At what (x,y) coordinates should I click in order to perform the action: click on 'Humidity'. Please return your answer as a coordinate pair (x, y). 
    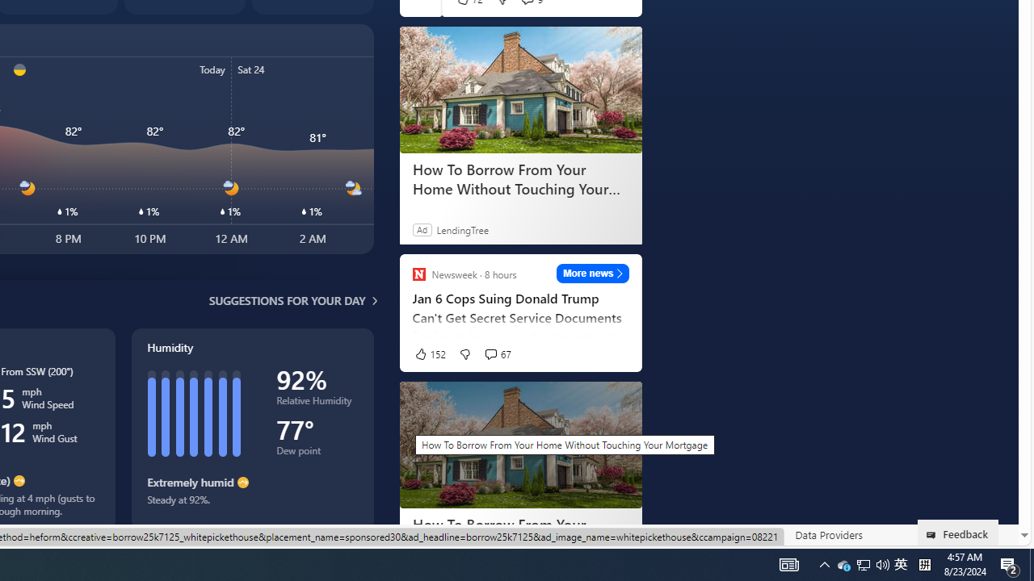
    Looking at the image, I should click on (251, 428).